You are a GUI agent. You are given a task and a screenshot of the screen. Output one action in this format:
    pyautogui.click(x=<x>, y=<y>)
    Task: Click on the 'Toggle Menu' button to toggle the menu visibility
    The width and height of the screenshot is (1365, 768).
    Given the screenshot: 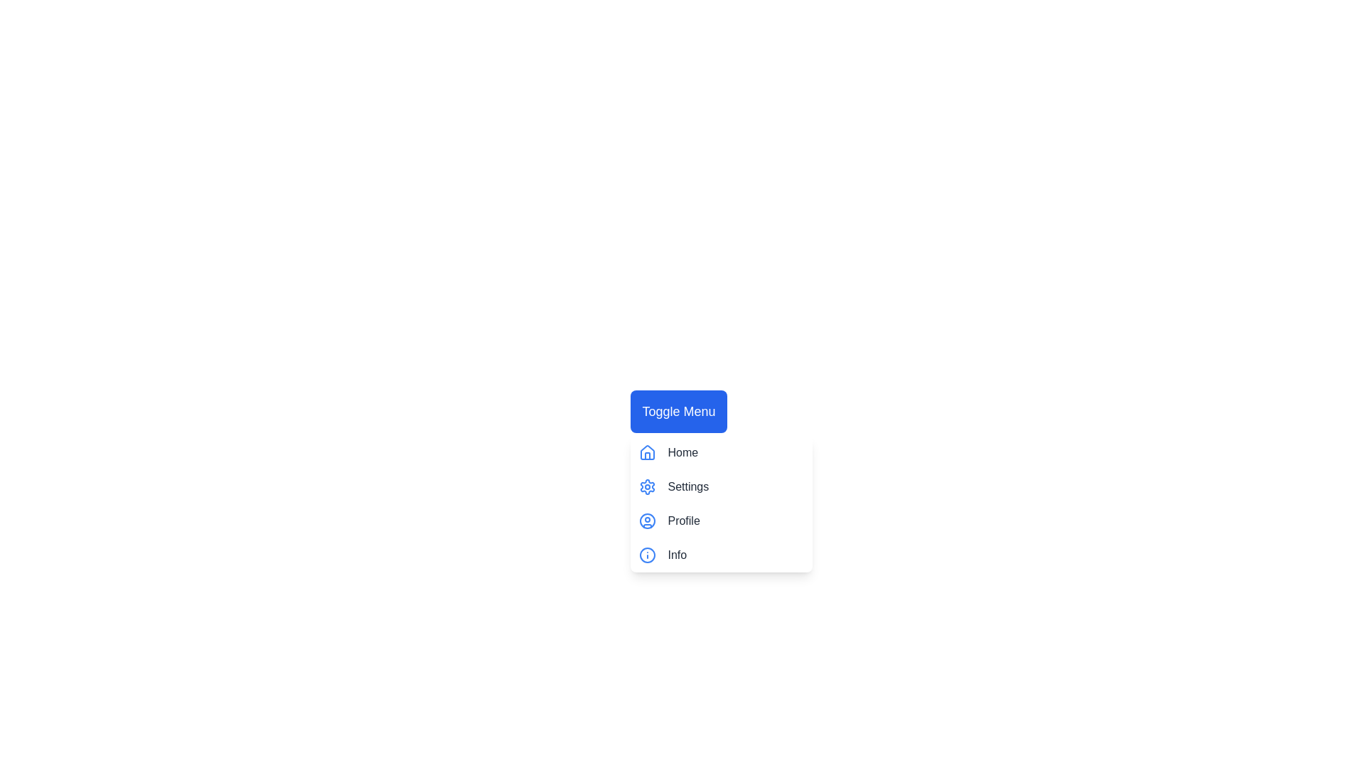 What is the action you would take?
    pyautogui.click(x=678, y=411)
    